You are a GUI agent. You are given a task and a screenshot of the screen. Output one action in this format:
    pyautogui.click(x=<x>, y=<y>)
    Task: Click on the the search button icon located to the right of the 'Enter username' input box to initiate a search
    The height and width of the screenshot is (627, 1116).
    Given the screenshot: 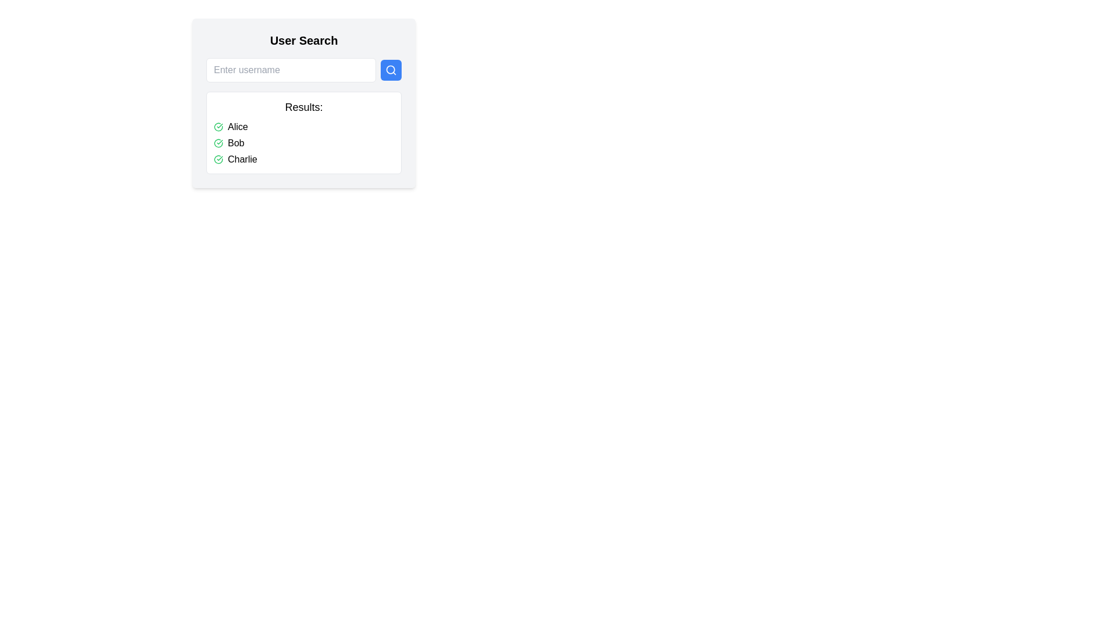 What is the action you would take?
    pyautogui.click(x=391, y=70)
    